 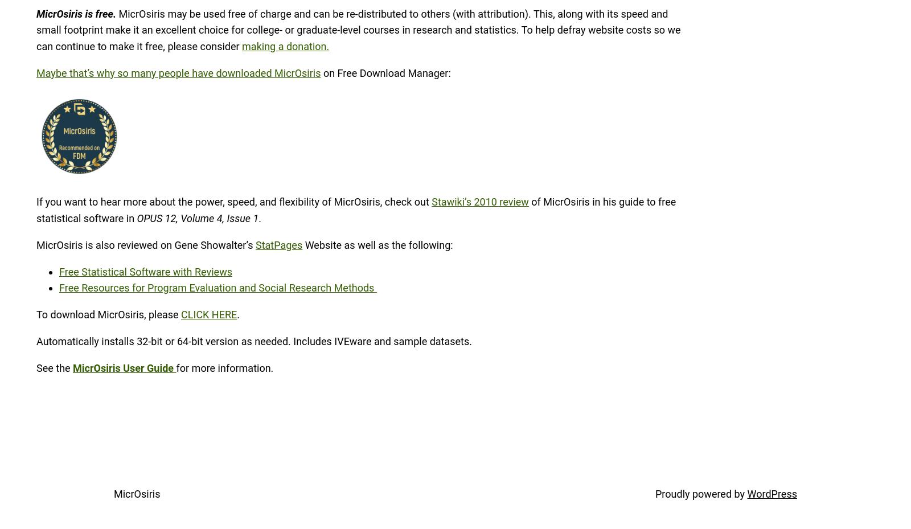 I want to click on 'MicrOsiris', so click(x=137, y=494).